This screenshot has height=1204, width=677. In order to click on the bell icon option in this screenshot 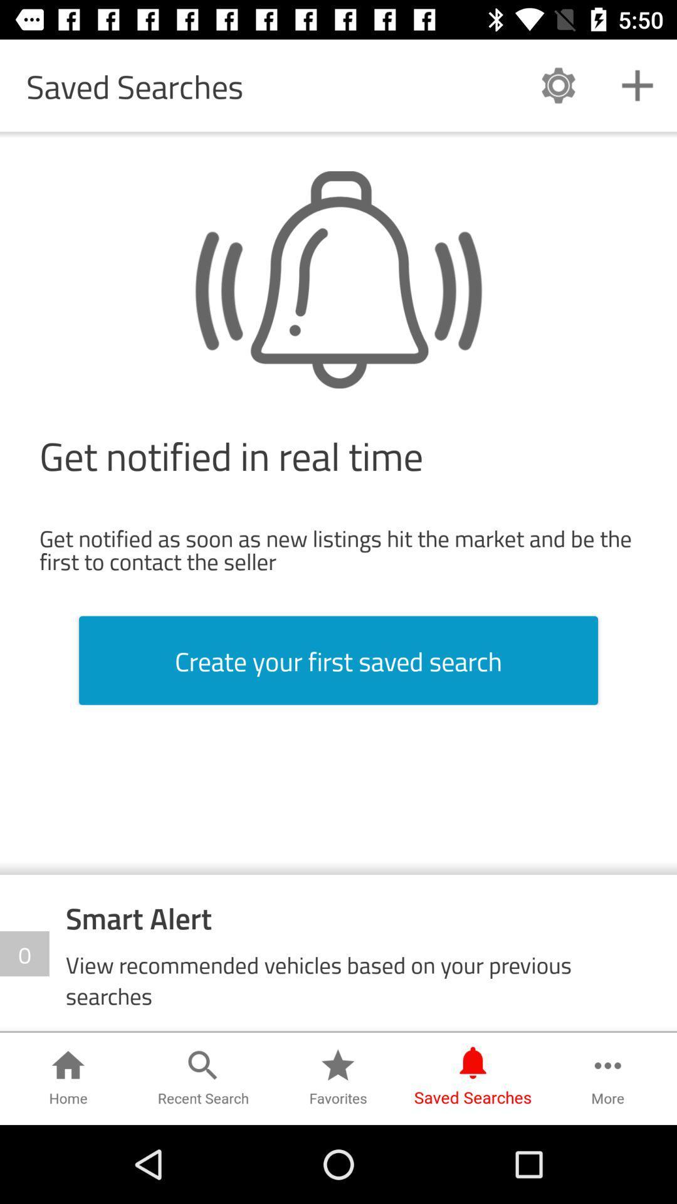, I will do `click(338, 279)`.